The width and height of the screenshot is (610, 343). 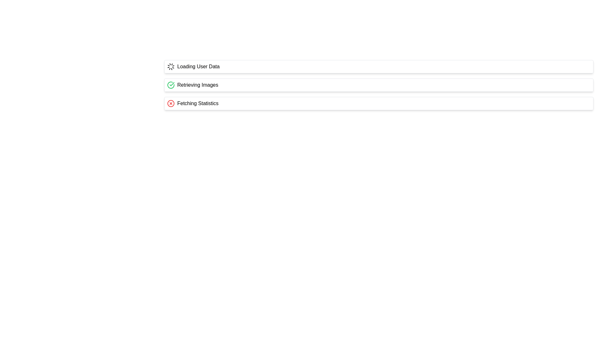 What do you see at coordinates (192, 84) in the screenshot?
I see `the status indicator label located between 'Loading User Data' and 'Fetching Statistics' to observe its progress or completion status` at bounding box center [192, 84].